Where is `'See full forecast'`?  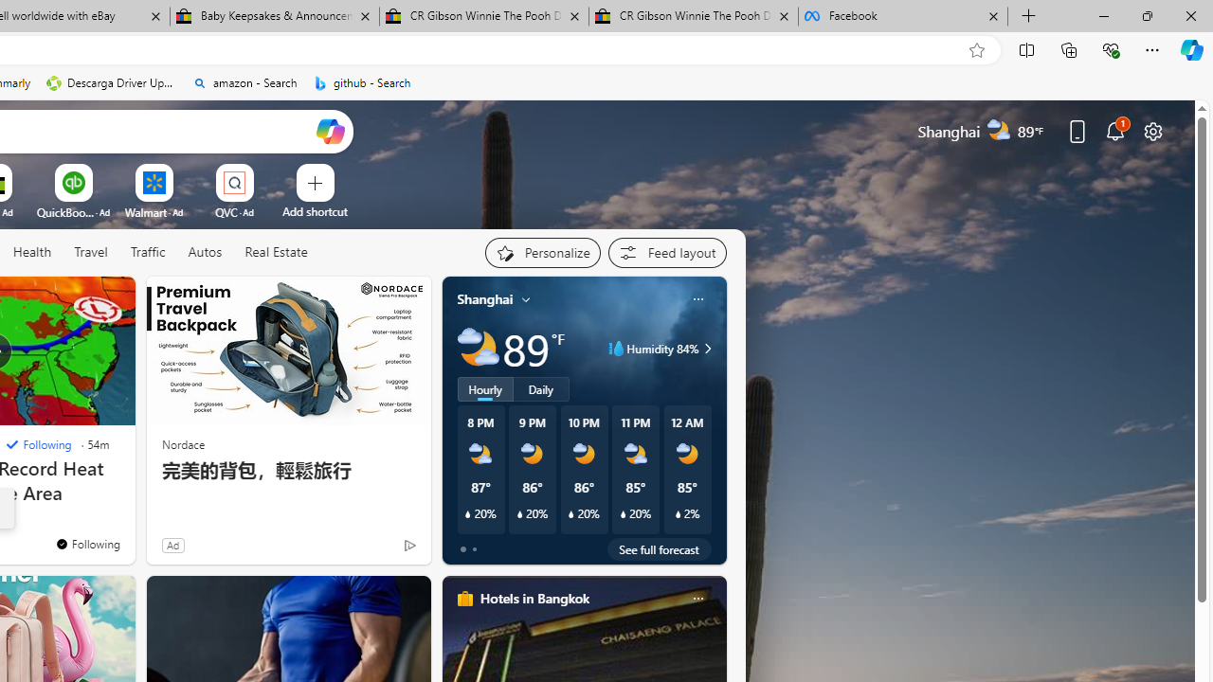
'See full forecast' is located at coordinates (659, 548).